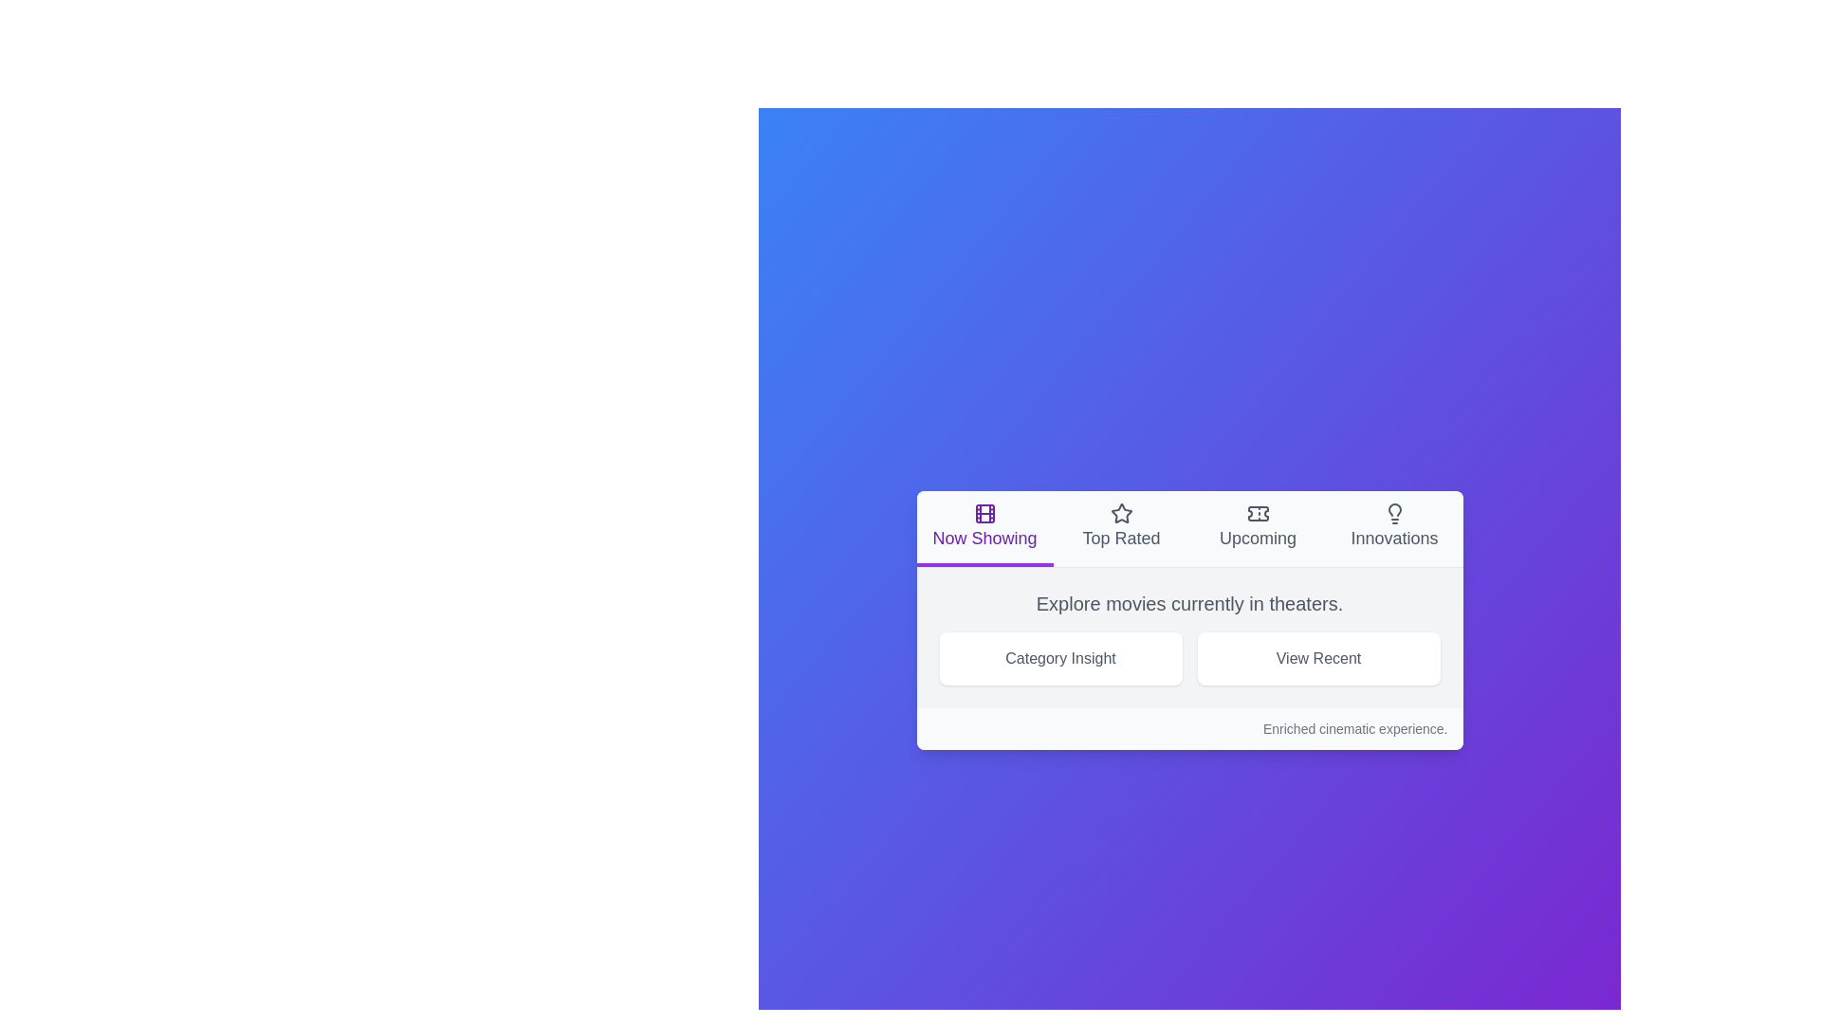 This screenshot has height=1024, width=1821. I want to click on the navigation button labeled 'Upcoming' located in the horizontal navigation bar, positioned between the 'Top Rated' tab on the left and the 'Innovations' tab on the right, so click(1258, 528).